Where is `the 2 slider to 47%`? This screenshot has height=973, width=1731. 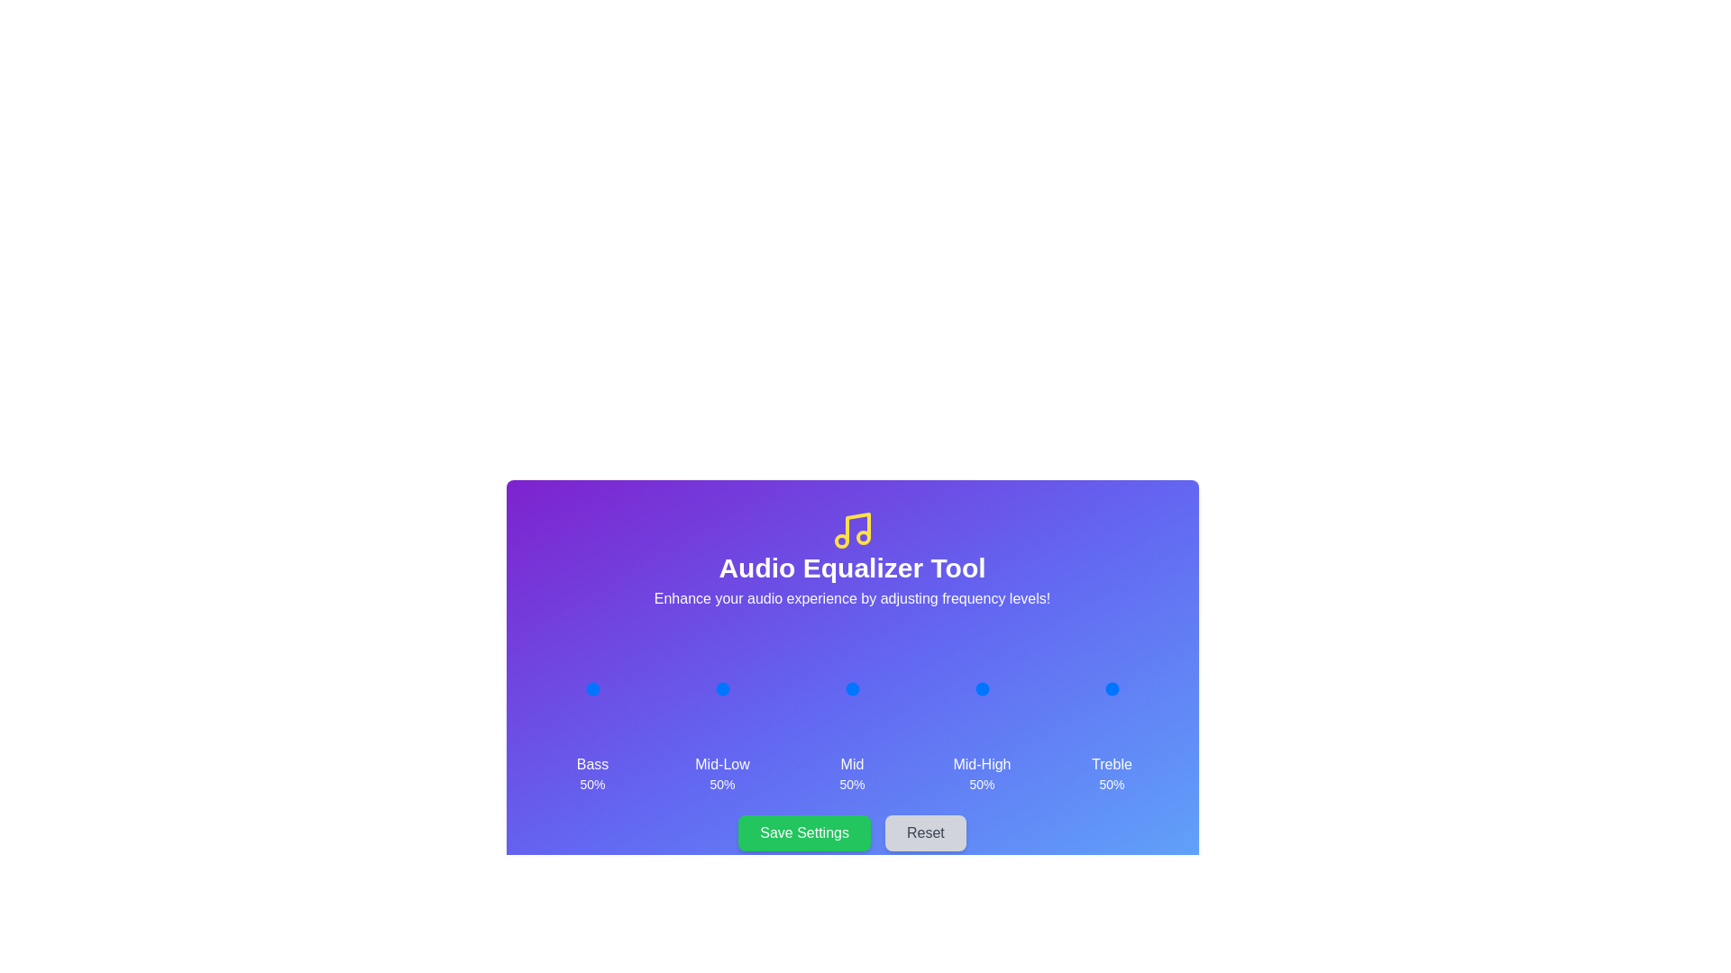 the 2 slider to 47% is located at coordinates (849, 688).